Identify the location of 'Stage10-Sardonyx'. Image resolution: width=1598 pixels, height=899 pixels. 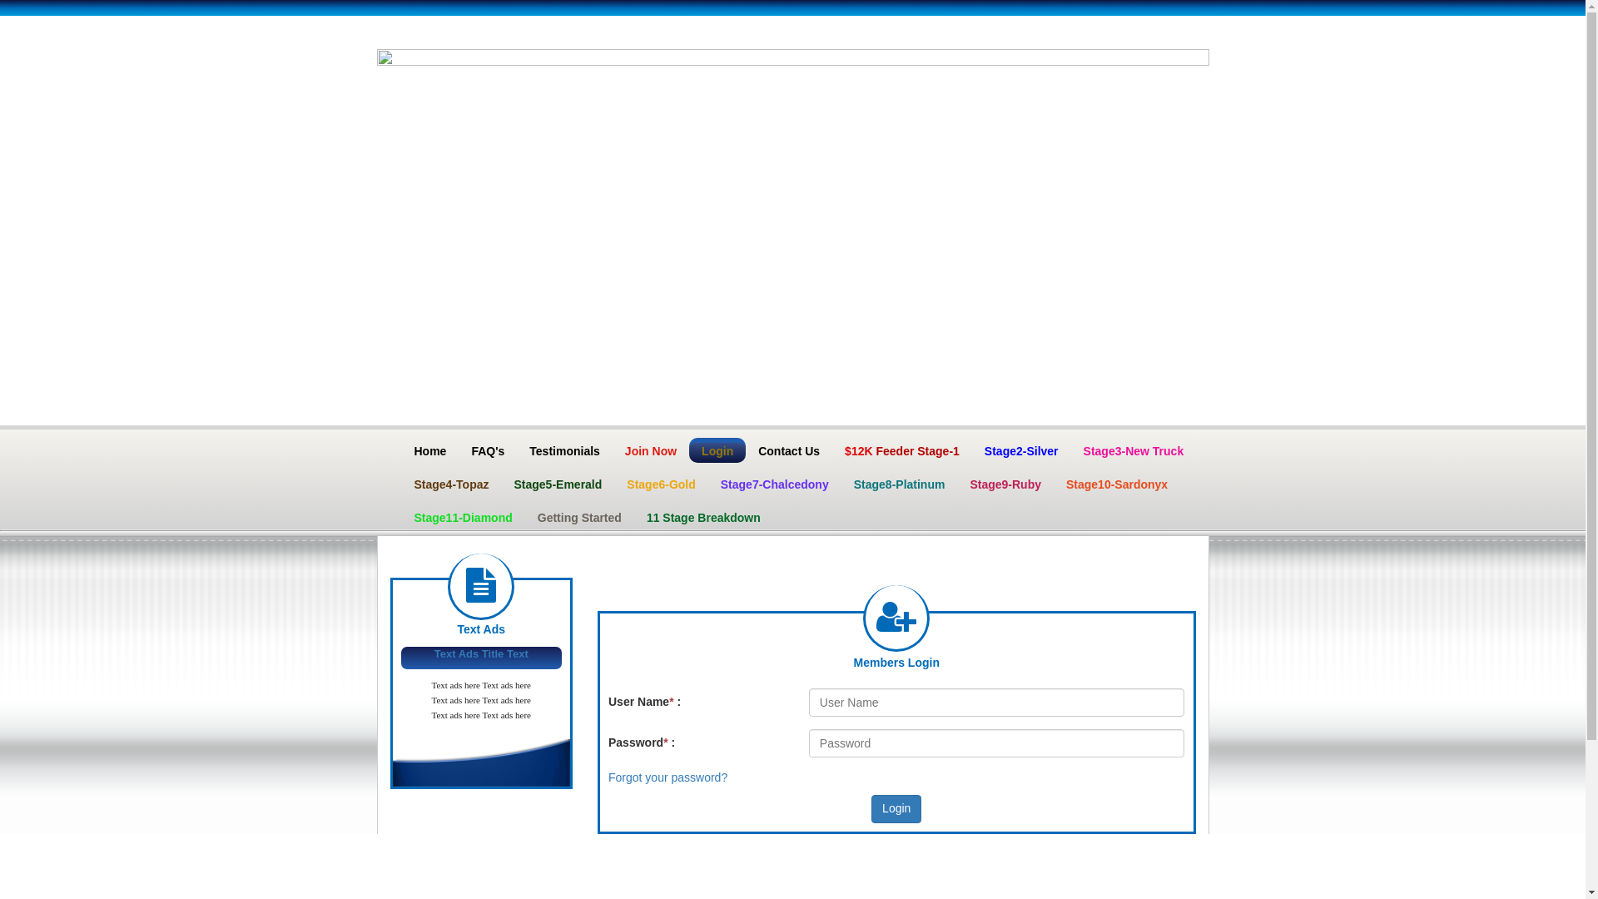
(1117, 484).